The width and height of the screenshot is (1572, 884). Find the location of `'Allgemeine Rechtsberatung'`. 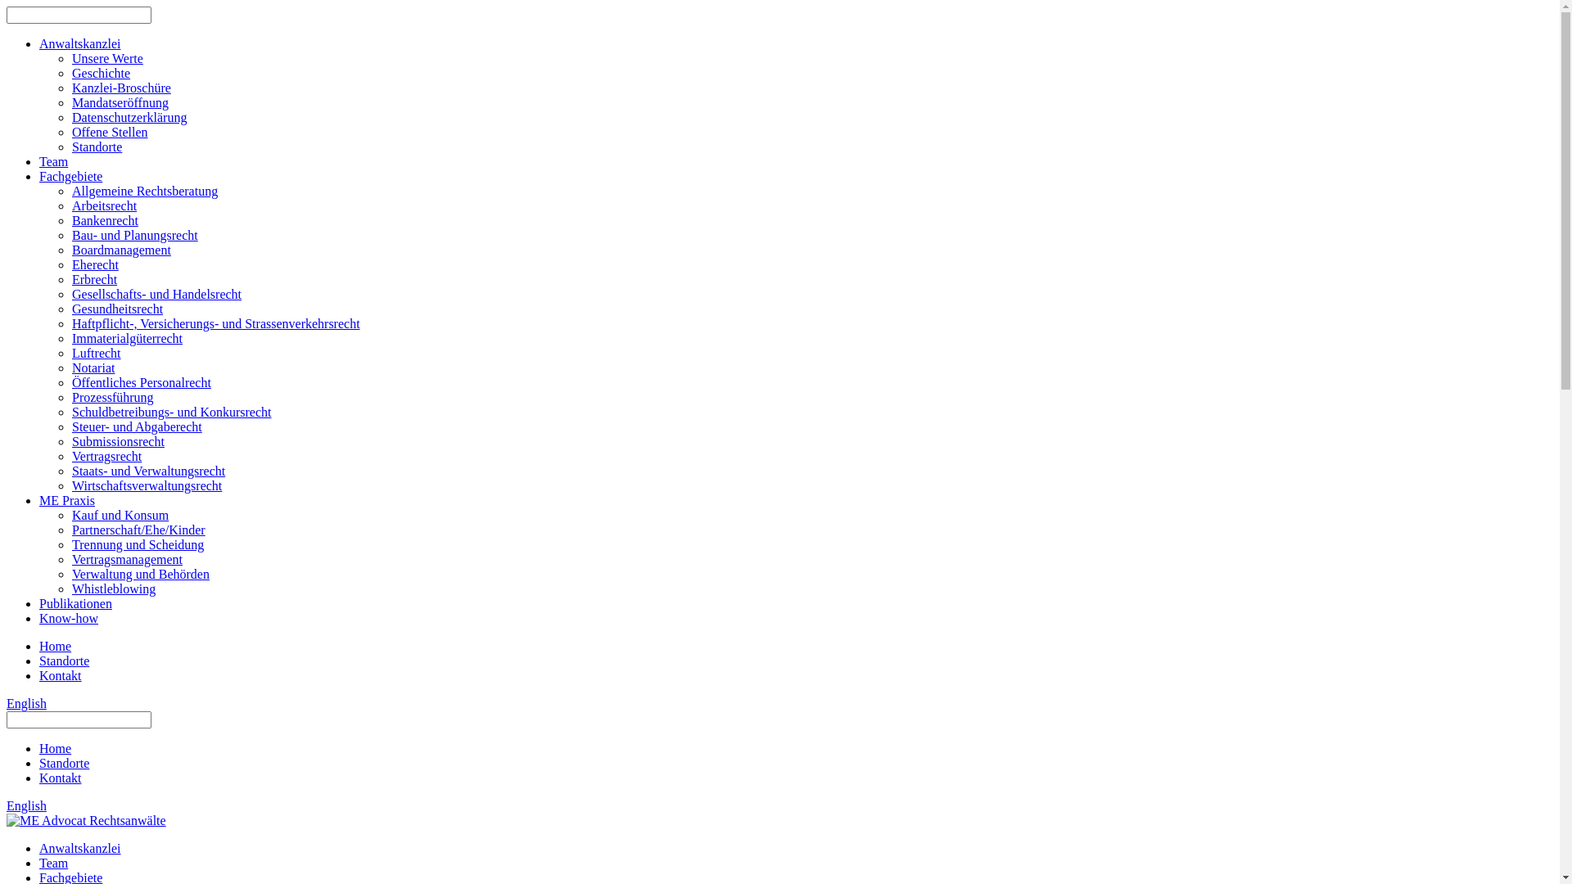

'Allgemeine Rechtsberatung' is located at coordinates (145, 190).